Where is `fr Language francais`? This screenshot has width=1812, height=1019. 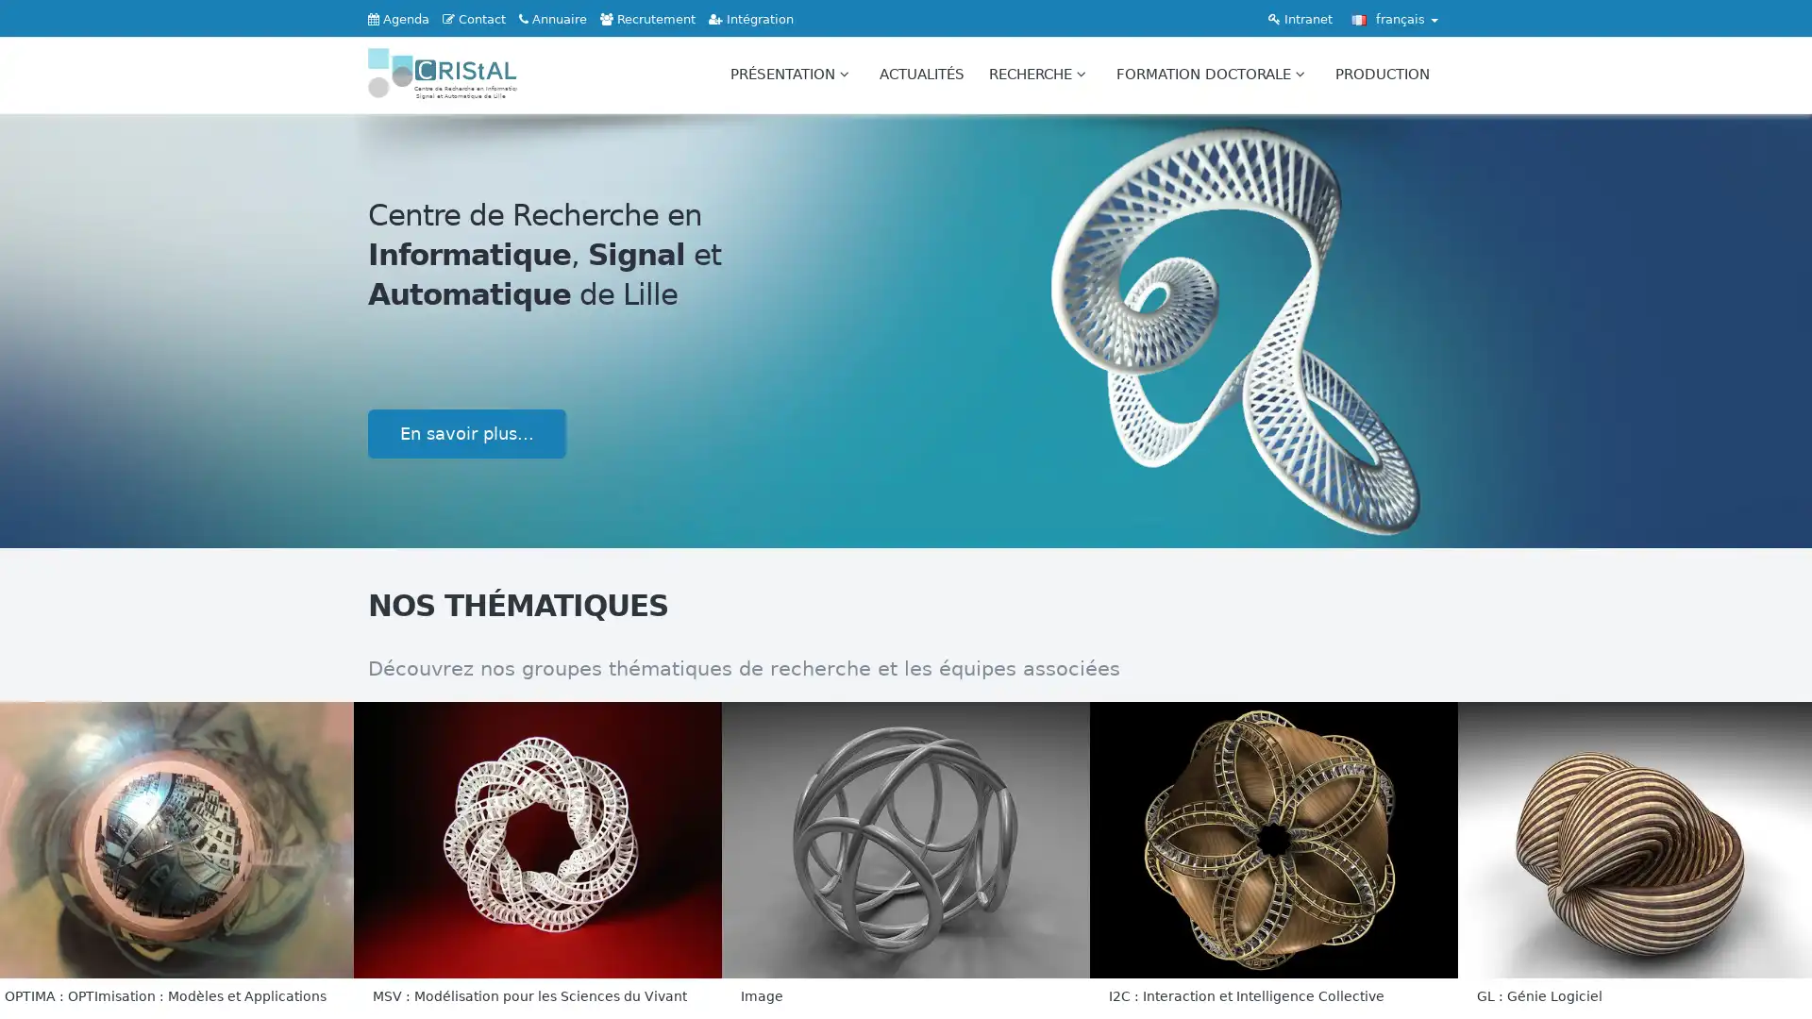 fr Language francais is located at coordinates (1395, 19).